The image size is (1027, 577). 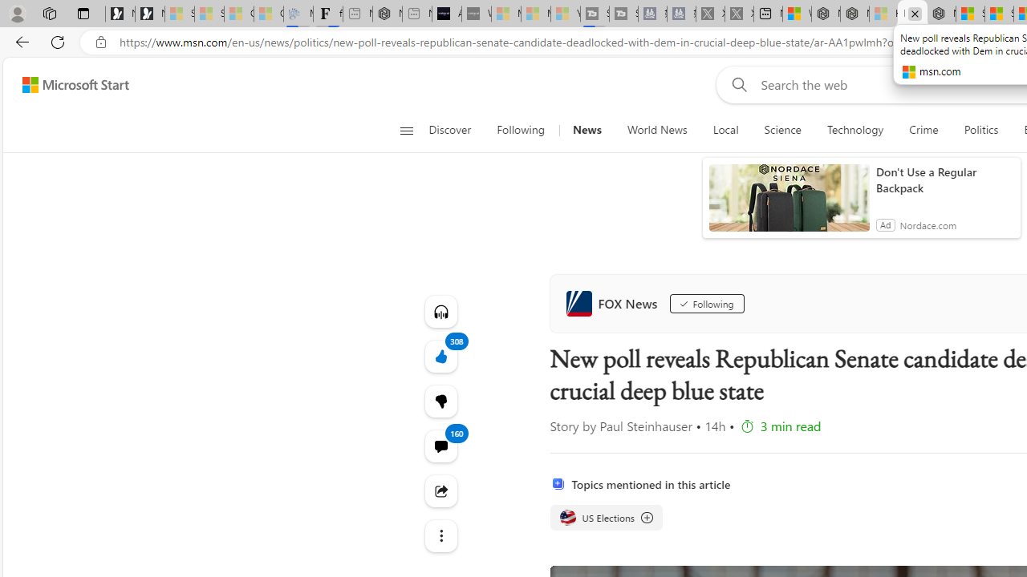 What do you see at coordinates (725, 130) in the screenshot?
I see `'Local'` at bounding box center [725, 130].